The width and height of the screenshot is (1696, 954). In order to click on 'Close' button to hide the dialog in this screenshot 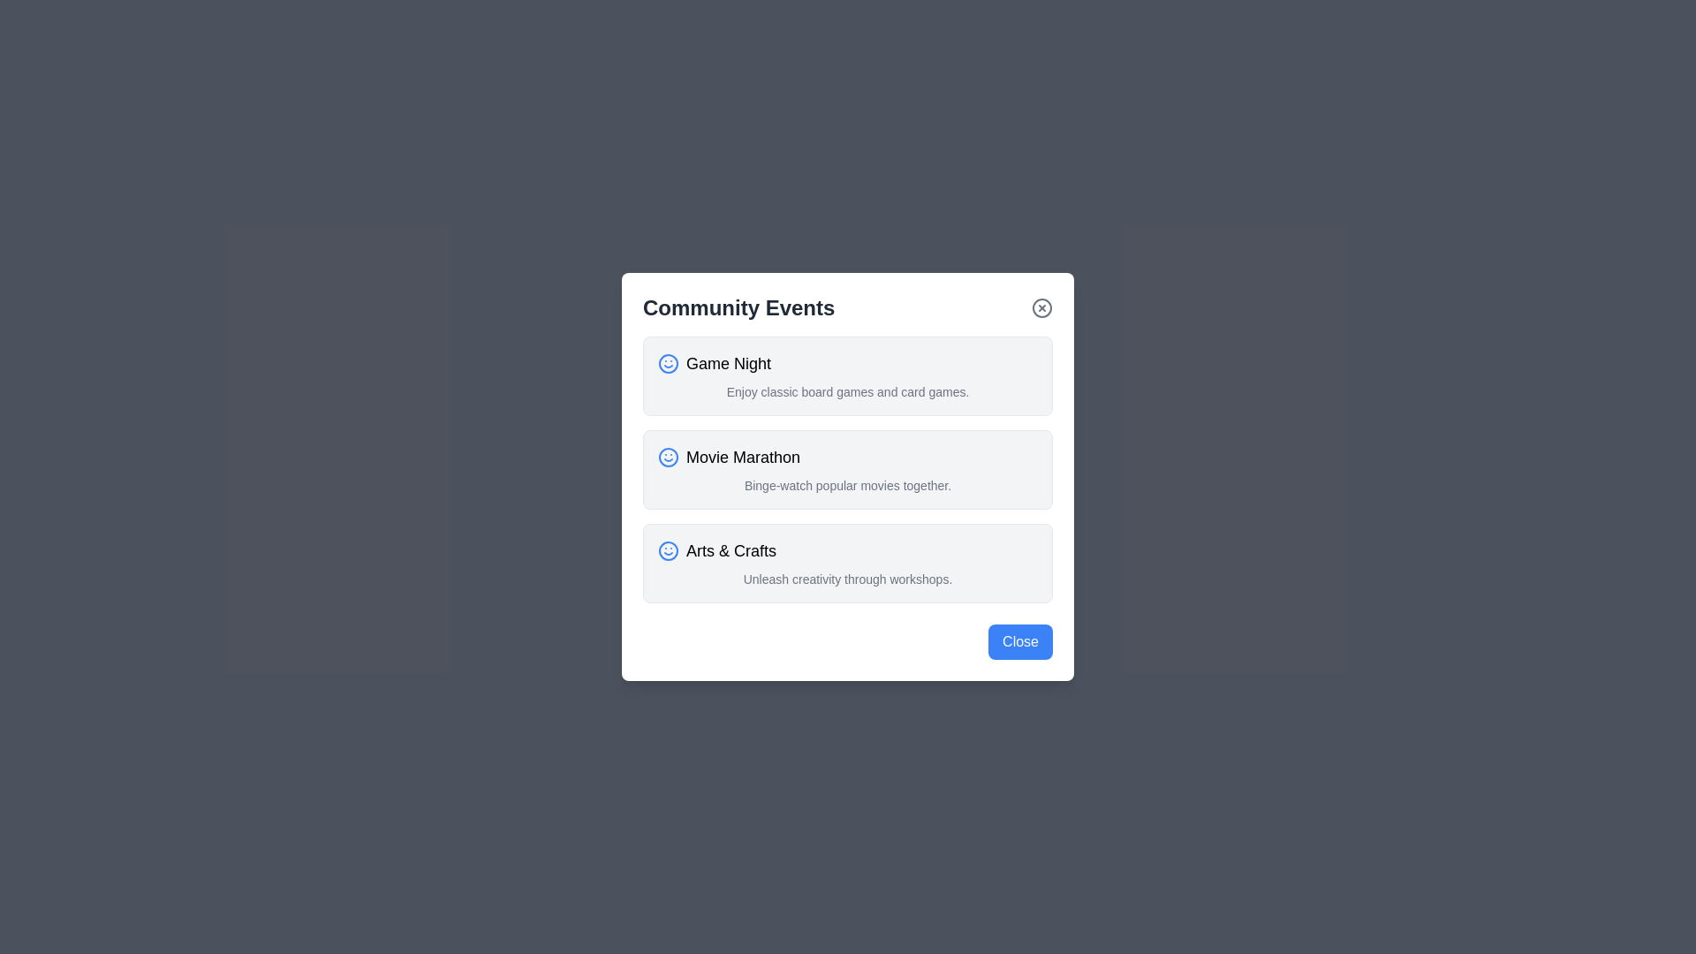, I will do `click(1020, 641)`.